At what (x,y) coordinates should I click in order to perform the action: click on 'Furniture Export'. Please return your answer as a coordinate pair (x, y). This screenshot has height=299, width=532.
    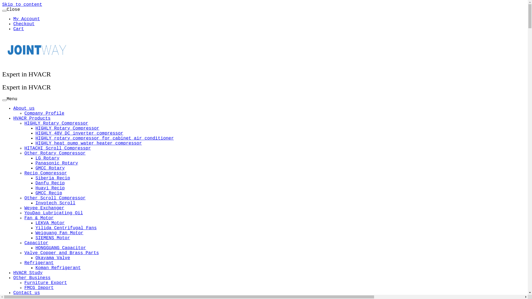
    Looking at the image, I should click on (24, 283).